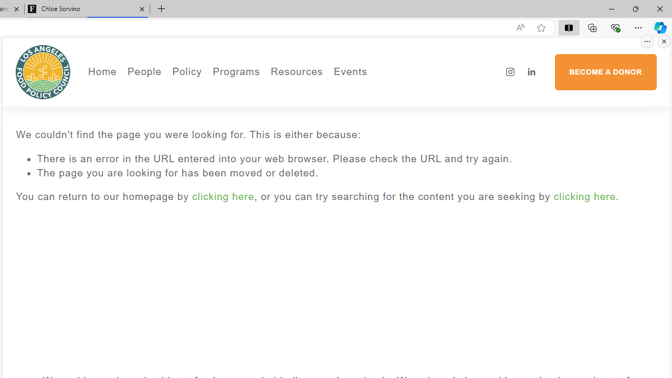 The width and height of the screenshot is (672, 378). Describe the element at coordinates (296, 71) in the screenshot. I see `'Resources'` at that location.